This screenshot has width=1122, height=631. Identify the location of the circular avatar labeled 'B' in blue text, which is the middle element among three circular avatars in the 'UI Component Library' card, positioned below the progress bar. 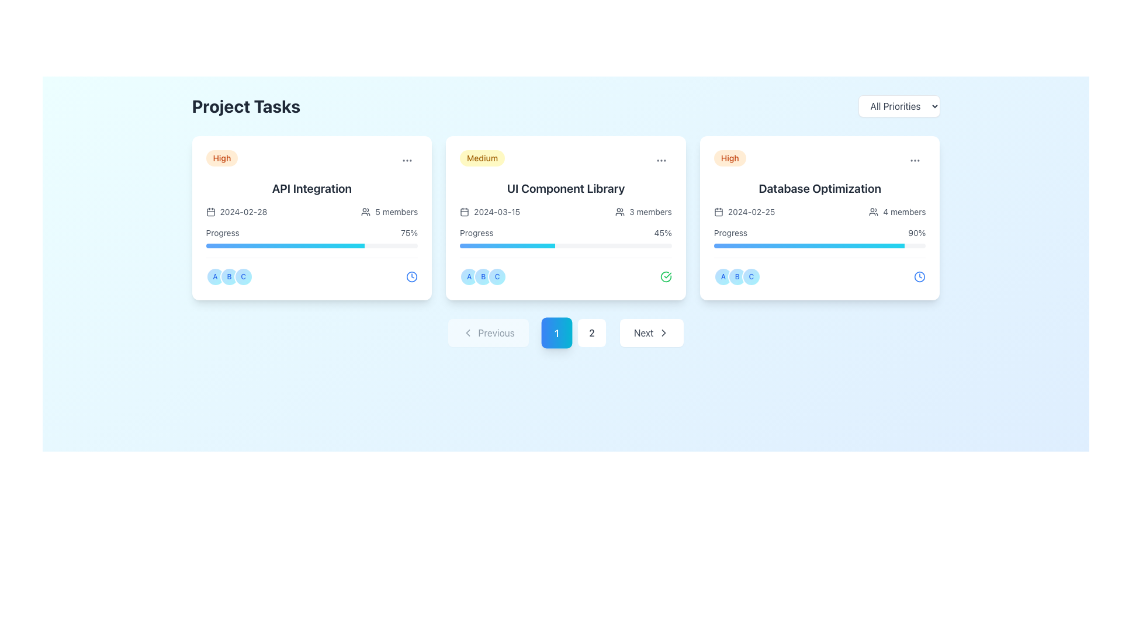
(483, 277).